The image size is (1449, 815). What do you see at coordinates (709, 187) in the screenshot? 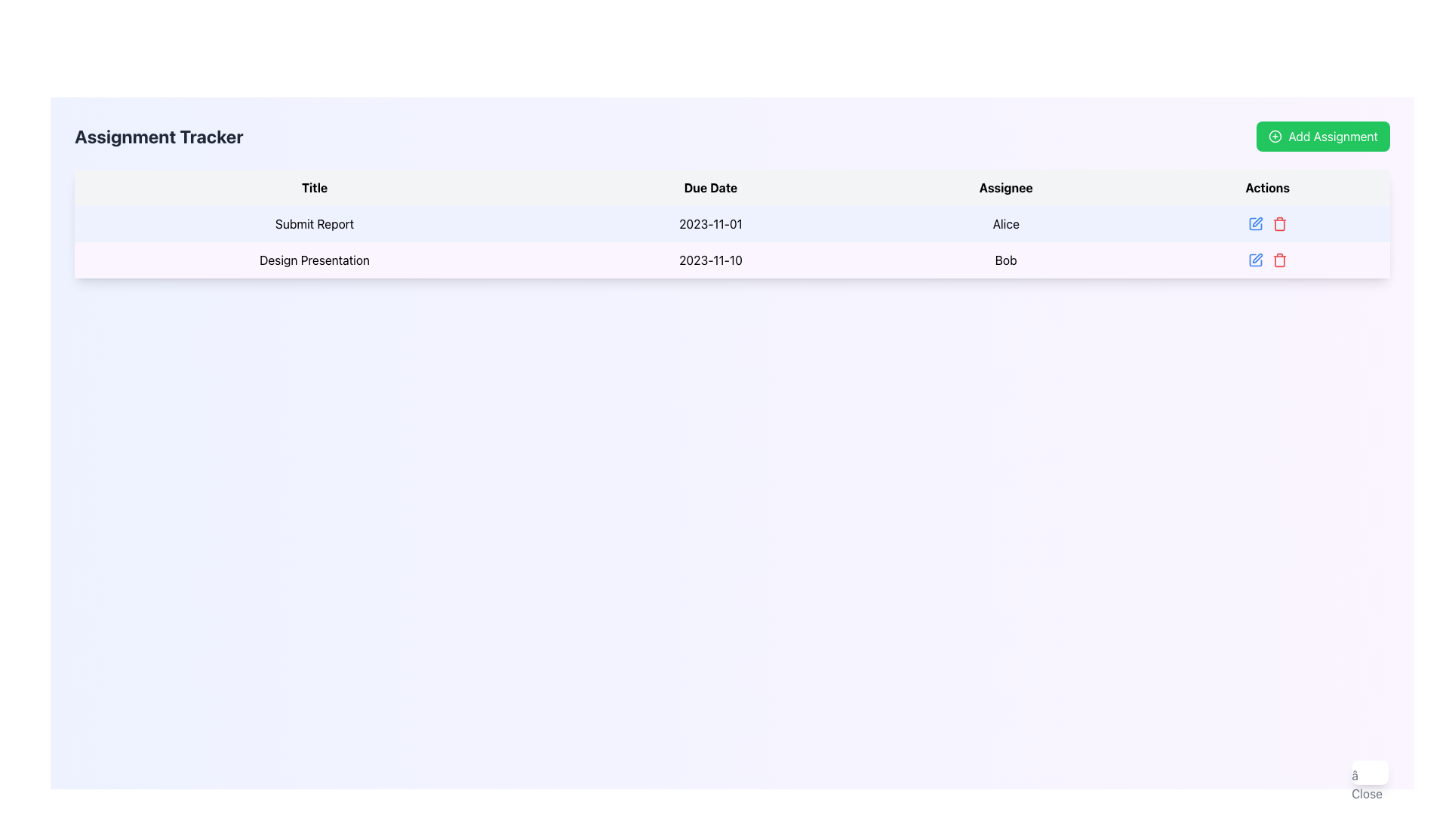
I see `the 'Due Date' header label, which is the second item in the row of column headers positioned between 'Title' and 'Assignee'` at bounding box center [709, 187].